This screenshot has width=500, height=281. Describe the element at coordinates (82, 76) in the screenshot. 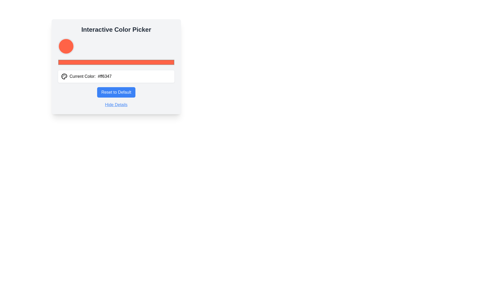

I see `the label displaying 'Current Color:' located next to the color code '#ff6347' in the central lower section of the interface` at that location.